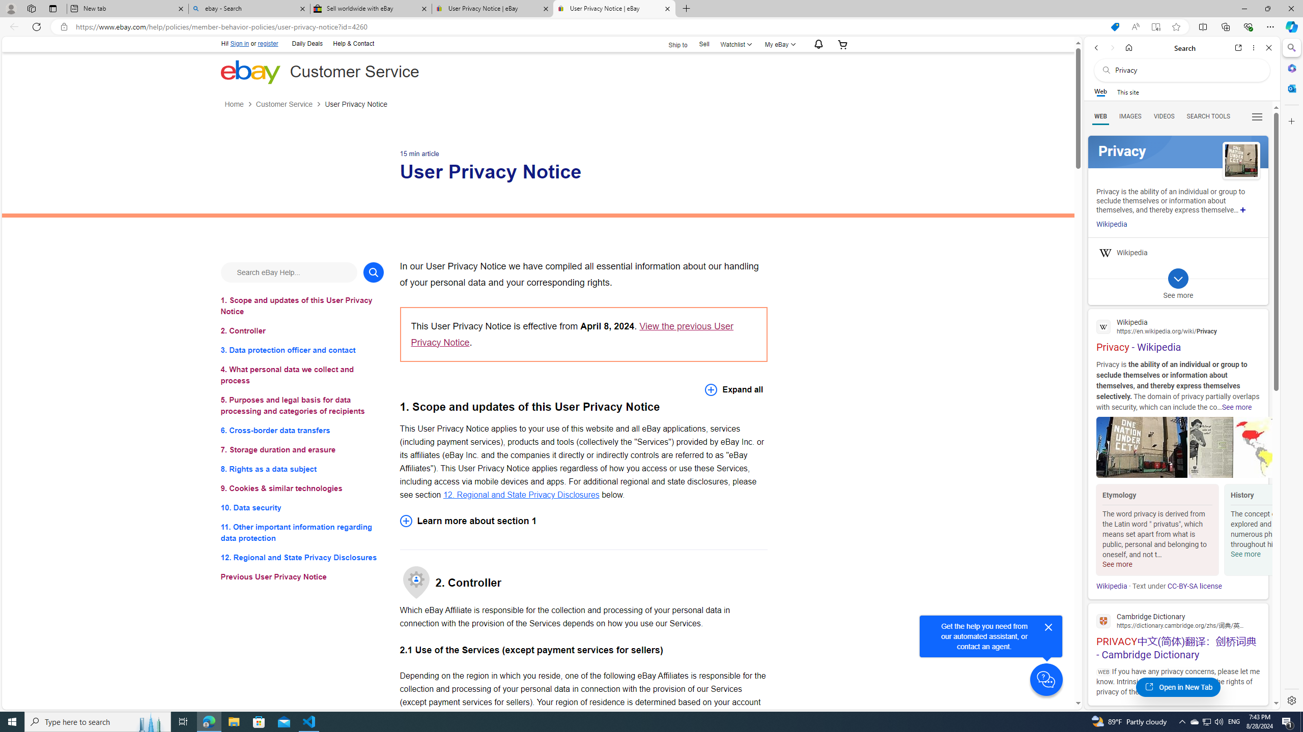  Describe the element at coordinates (1186, 70) in the screenshot. I see `'Search the web'` at that location.